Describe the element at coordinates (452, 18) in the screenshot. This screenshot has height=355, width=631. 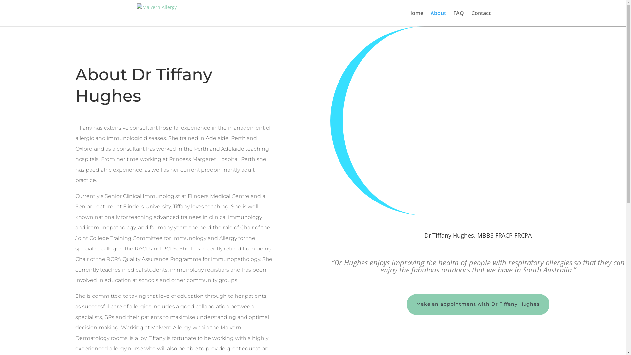
I see `'FAQ'` at that location.